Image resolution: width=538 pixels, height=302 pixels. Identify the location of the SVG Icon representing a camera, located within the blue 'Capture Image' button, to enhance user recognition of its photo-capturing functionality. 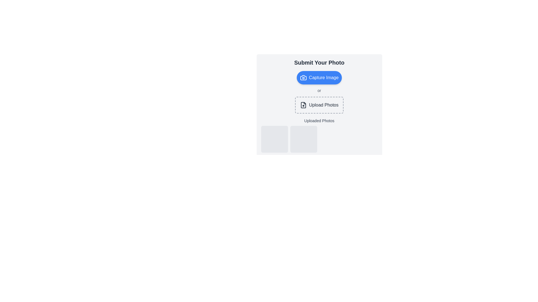
(303, 77).